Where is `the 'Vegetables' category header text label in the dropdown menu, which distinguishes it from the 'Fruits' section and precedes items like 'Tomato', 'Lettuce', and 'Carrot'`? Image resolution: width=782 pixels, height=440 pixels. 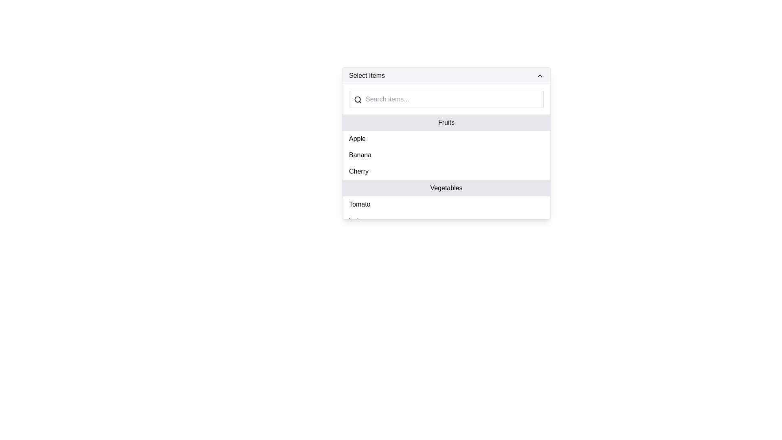 the 'Vegetables' category header text label in the dropdown menu, which distinguishes it from the 'Fruits' section and precedes items like 'Tomato', 'Lettuce', and 'Carrot' is located at coordinates (446, 188).